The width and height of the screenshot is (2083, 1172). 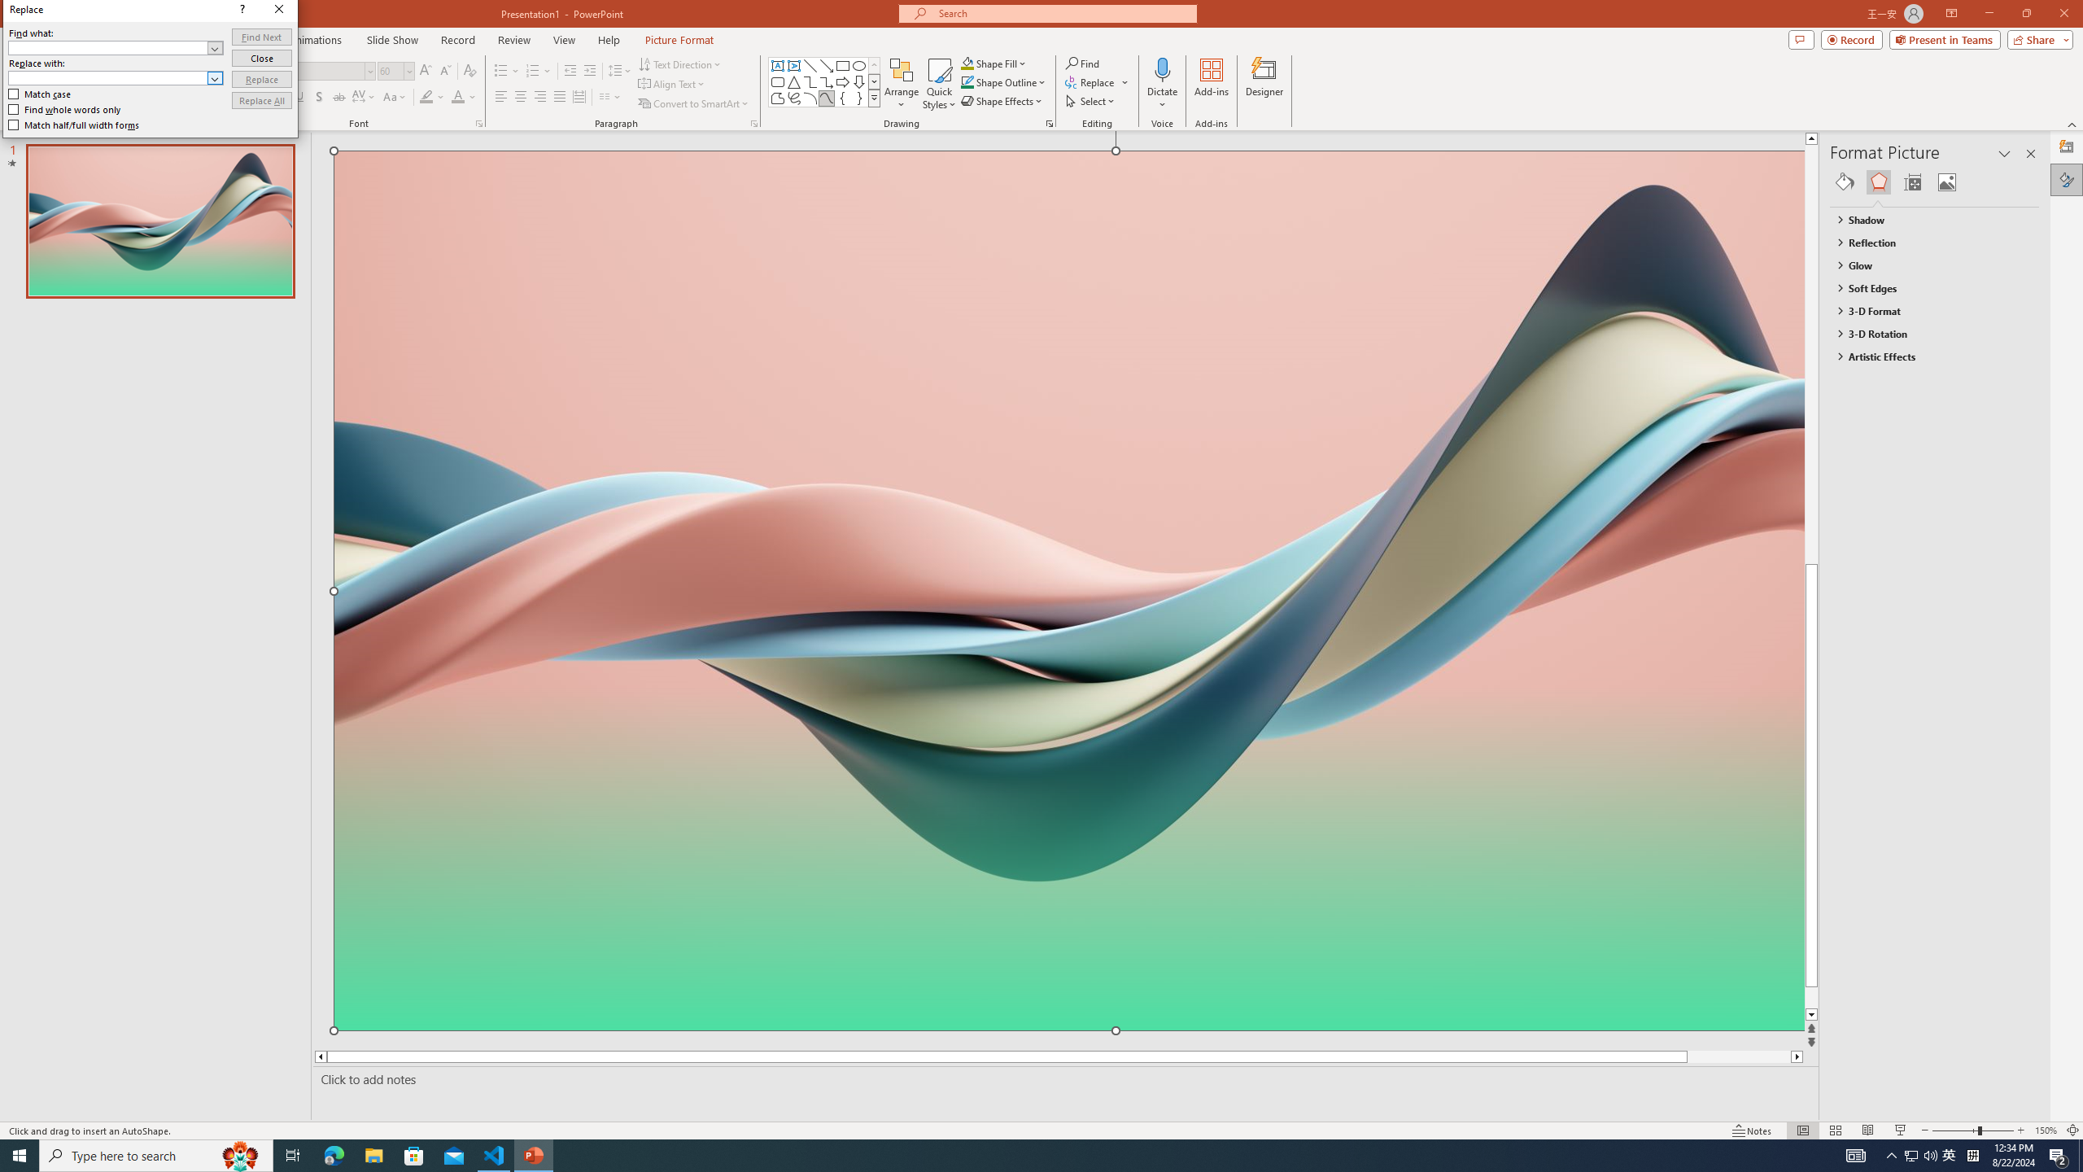 What do you see at coordinates (875, 97) in the screenshot?
I see `'Shapes'` at bounding box center [875, 97].